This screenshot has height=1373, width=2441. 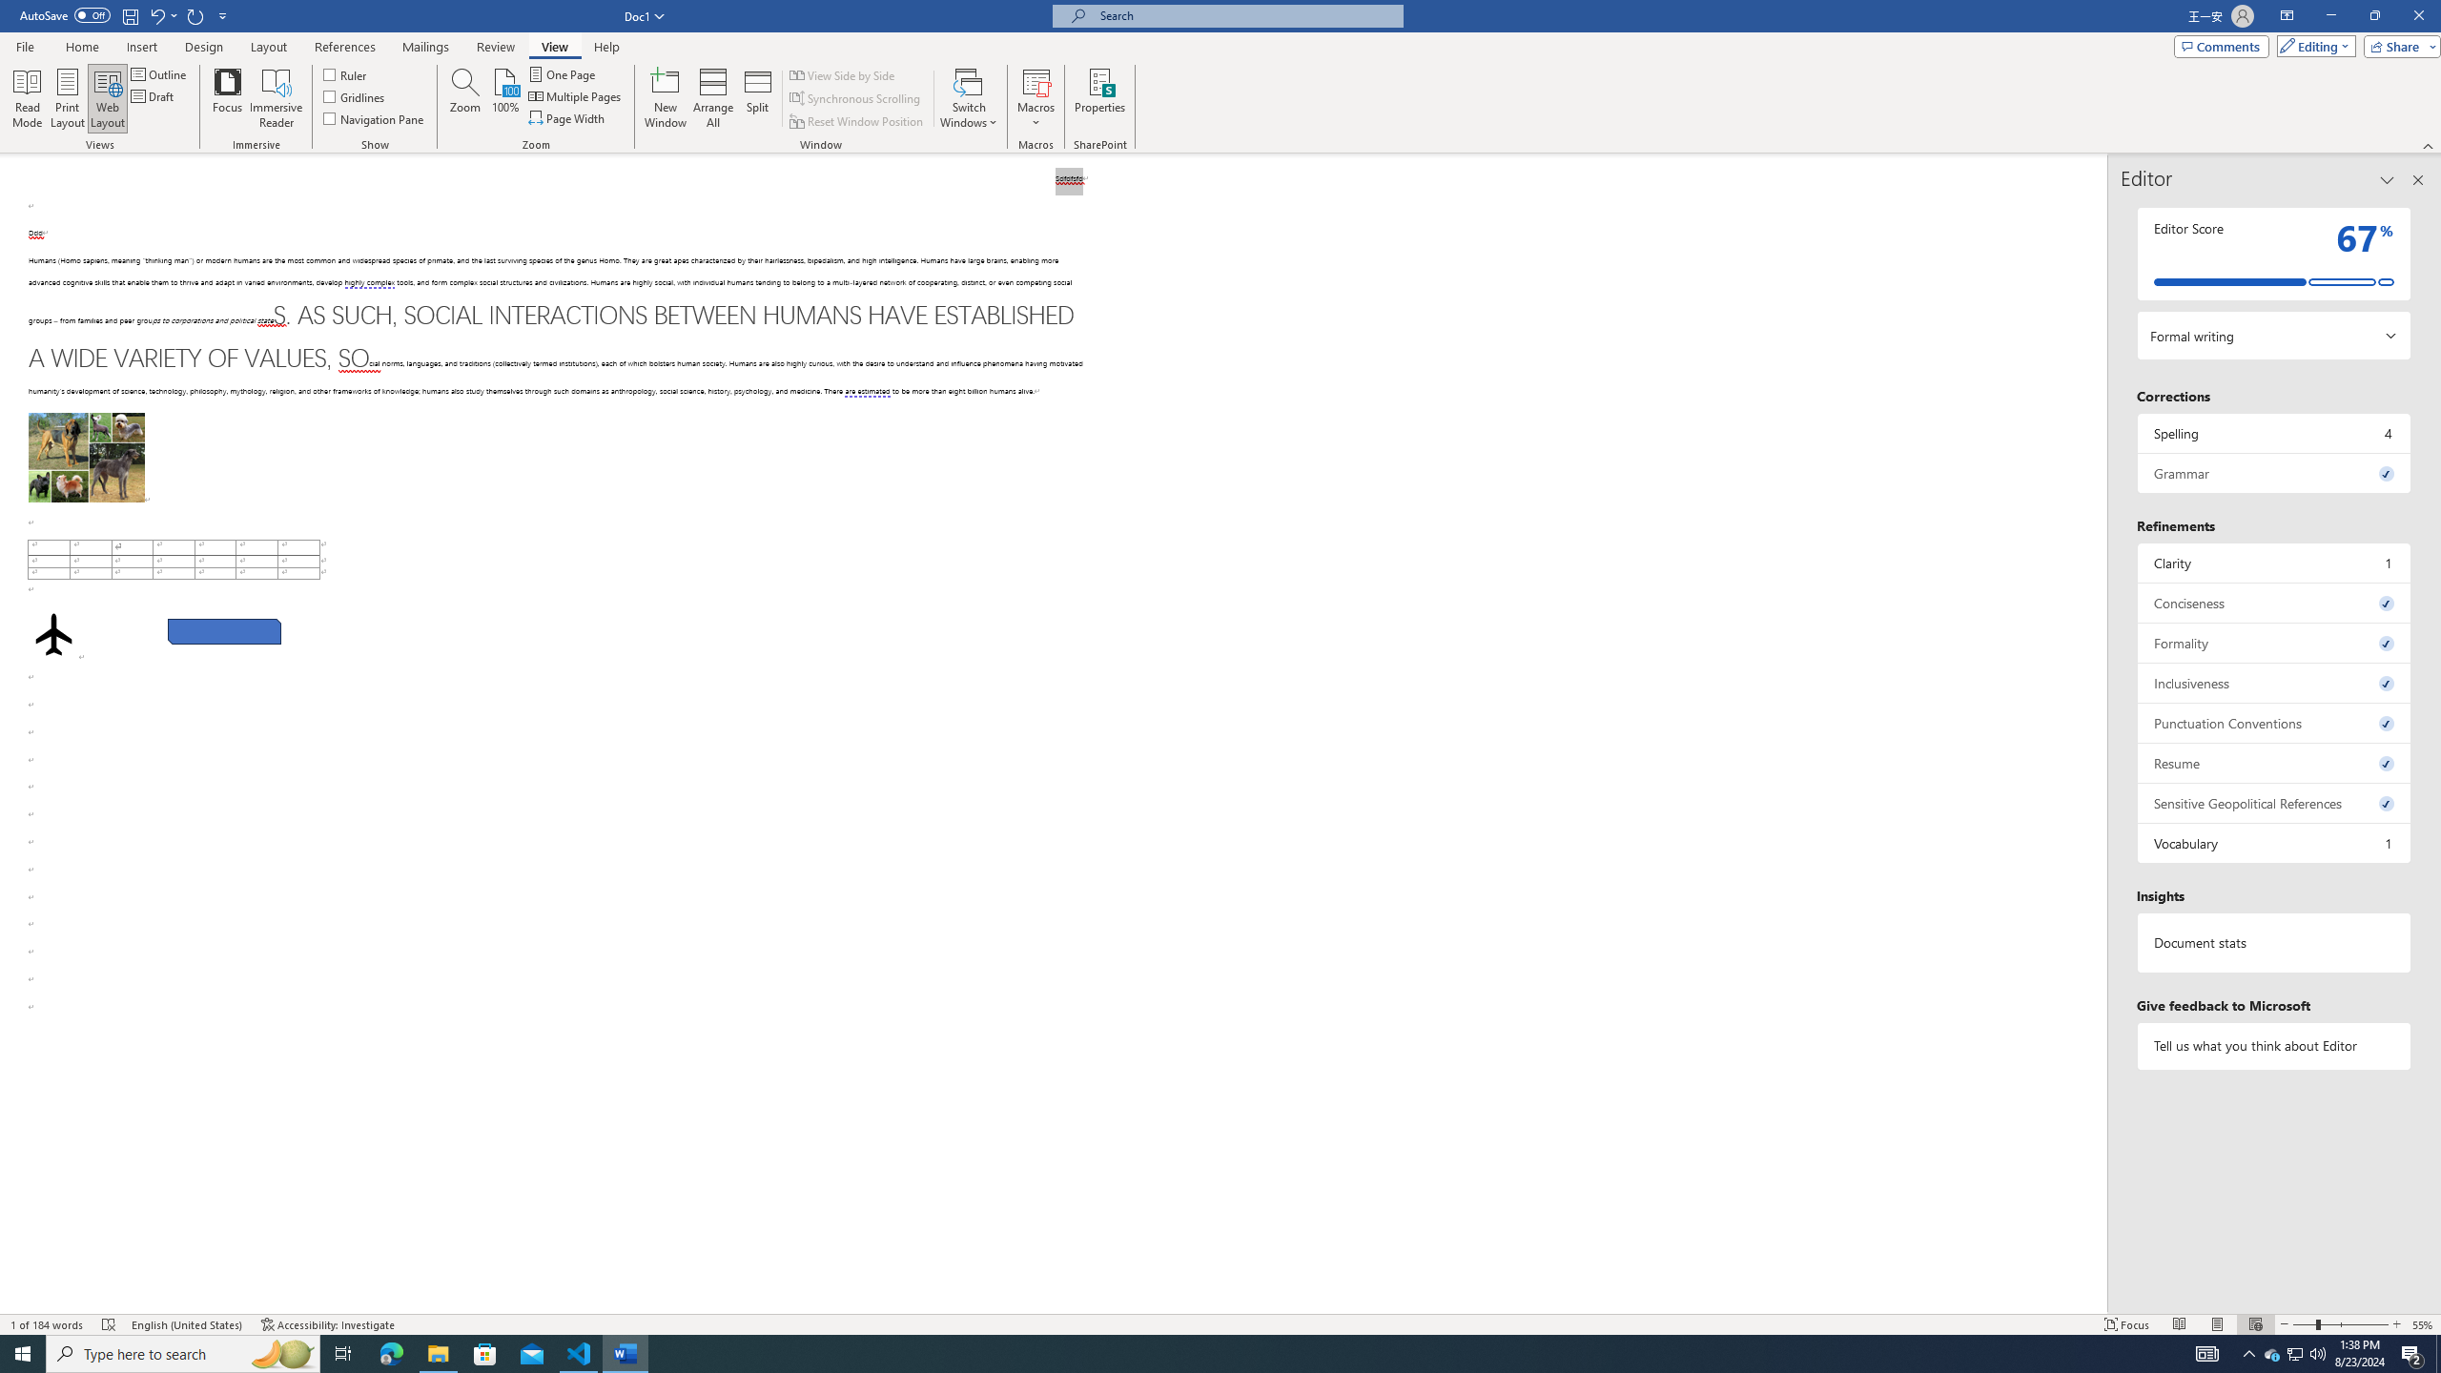 I want to click on 'Multiple Pages', so click(x=575, y=94).